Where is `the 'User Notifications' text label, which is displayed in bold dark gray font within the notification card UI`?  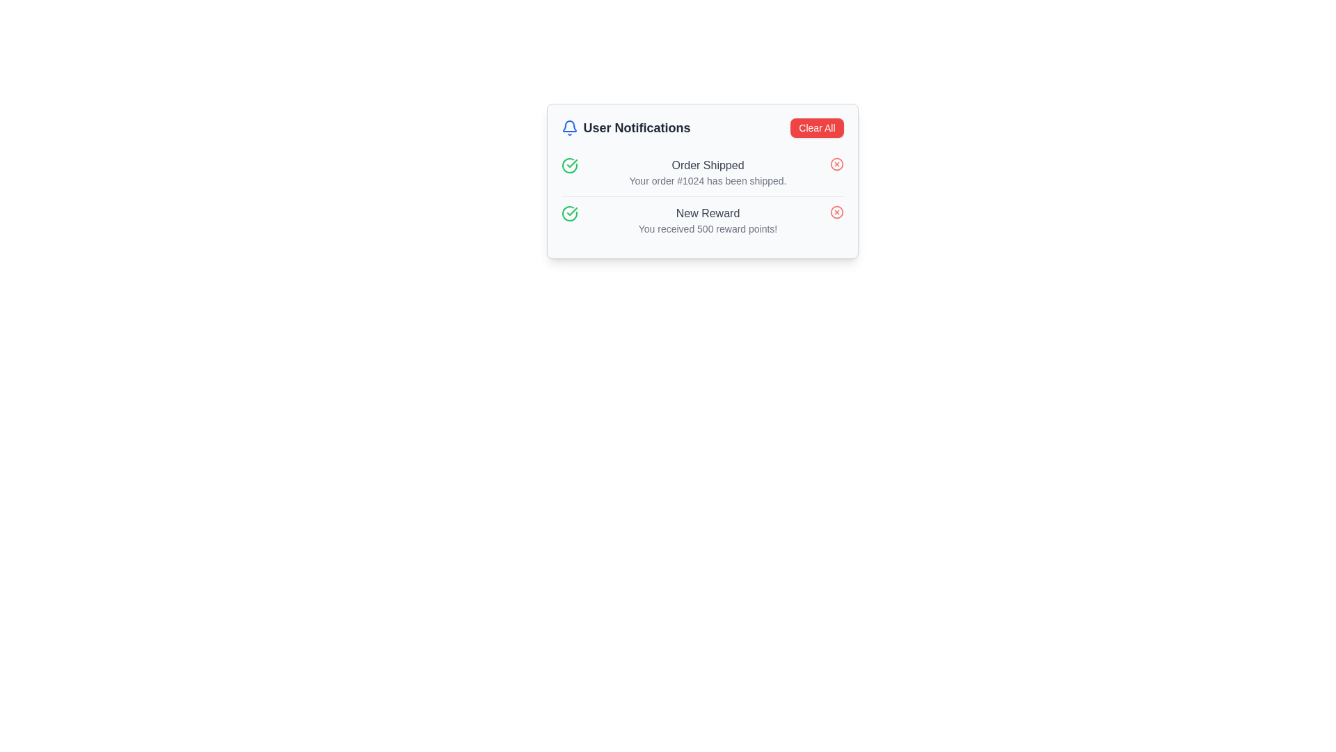
the 'User Notifications' text label, which is displayed in bold dark gray font within the notification card UI is located at coordinates (636, 128).